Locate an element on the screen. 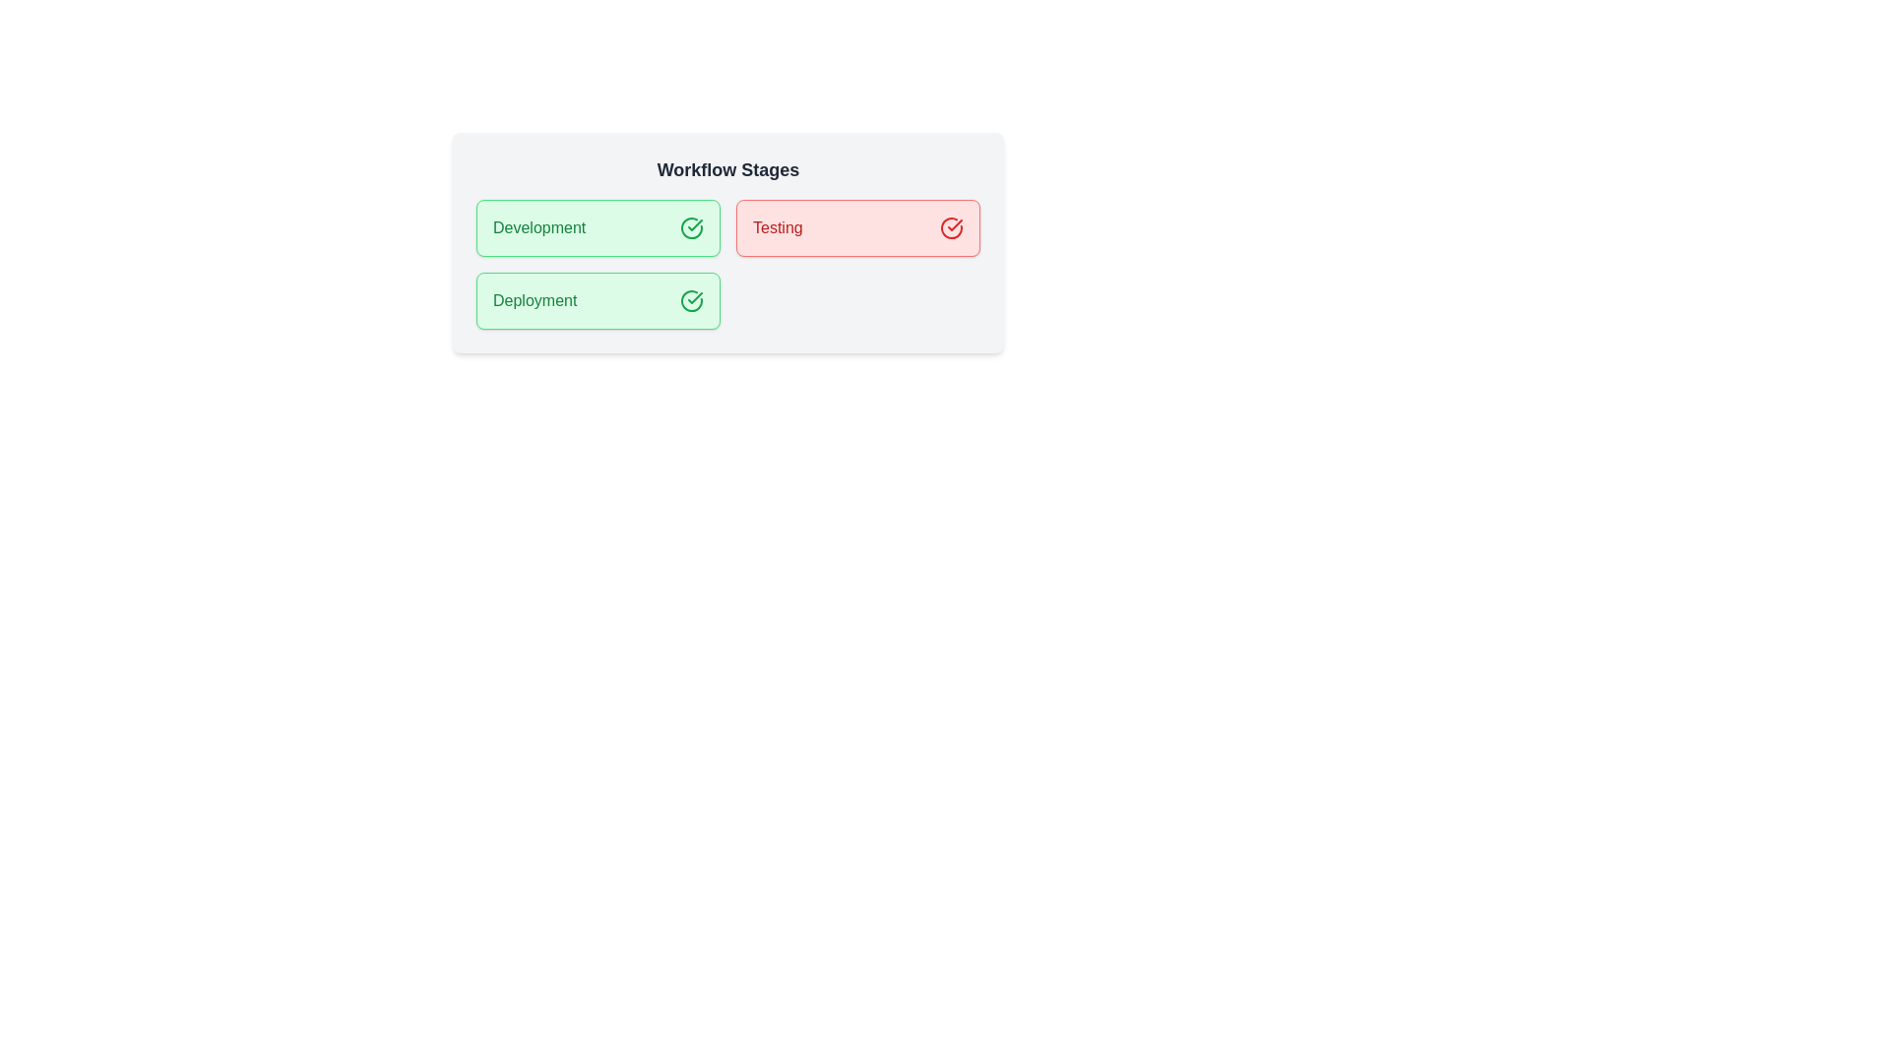  the 'Development' stage text label located inside the green card at the top-left of the workflow stages list is located at coordinates (539, 226).